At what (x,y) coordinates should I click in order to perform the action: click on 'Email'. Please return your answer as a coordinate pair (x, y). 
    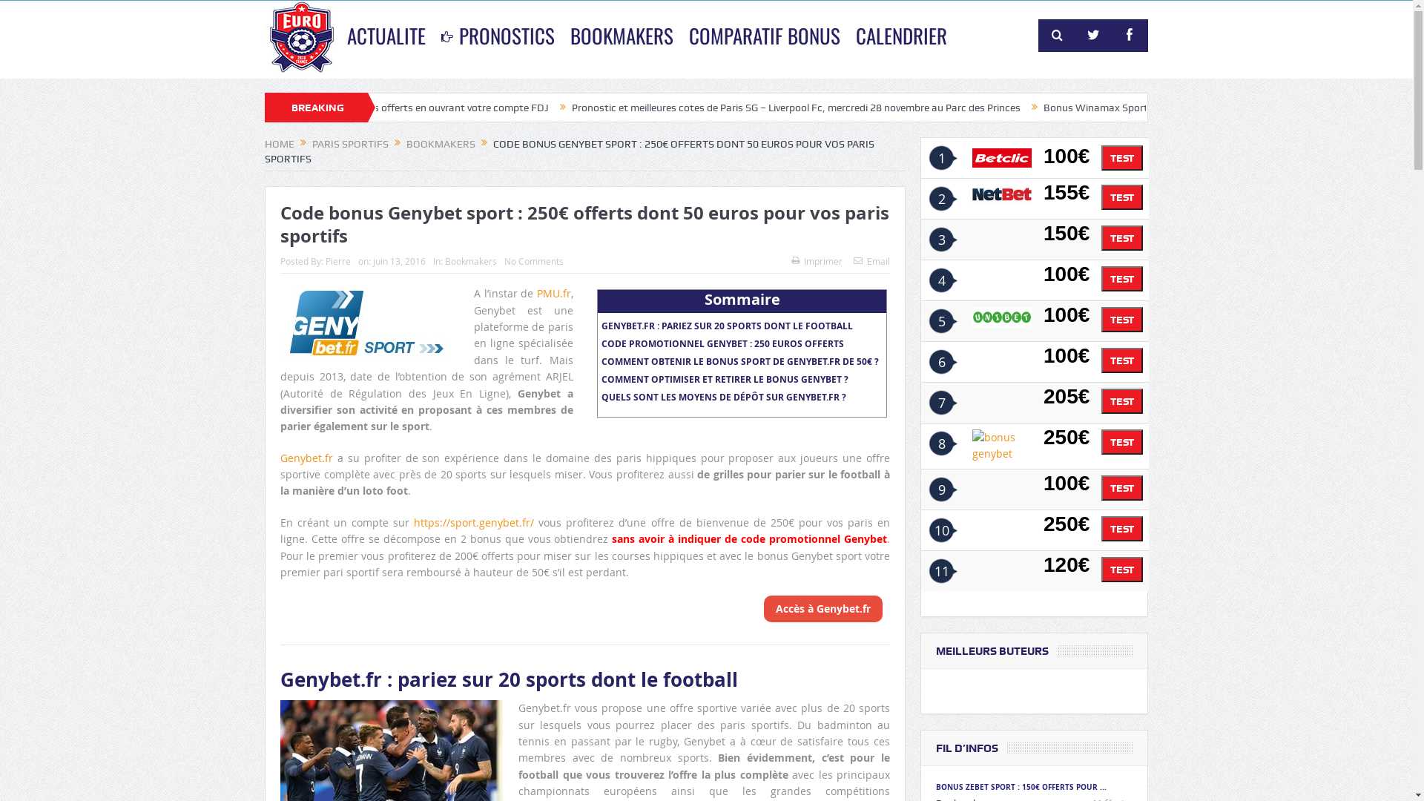
    Looking at the image, I should click on (871, 260).